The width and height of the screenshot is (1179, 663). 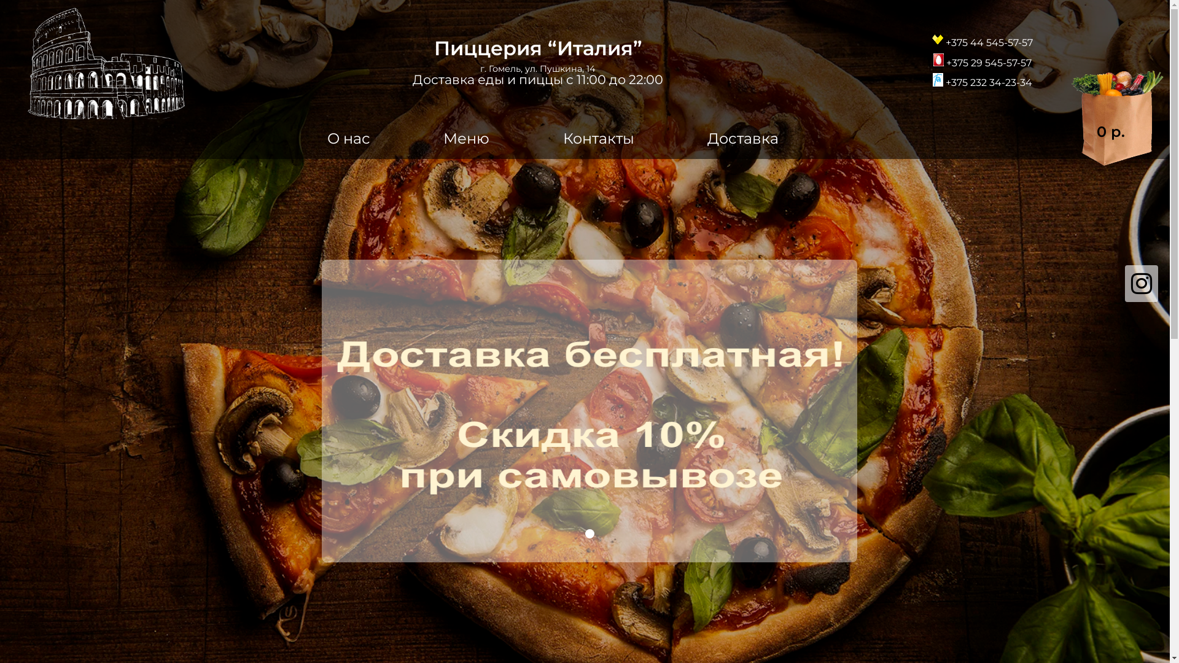 I want to click on '+375 44 545-57-57', so click(x=981, y=39).